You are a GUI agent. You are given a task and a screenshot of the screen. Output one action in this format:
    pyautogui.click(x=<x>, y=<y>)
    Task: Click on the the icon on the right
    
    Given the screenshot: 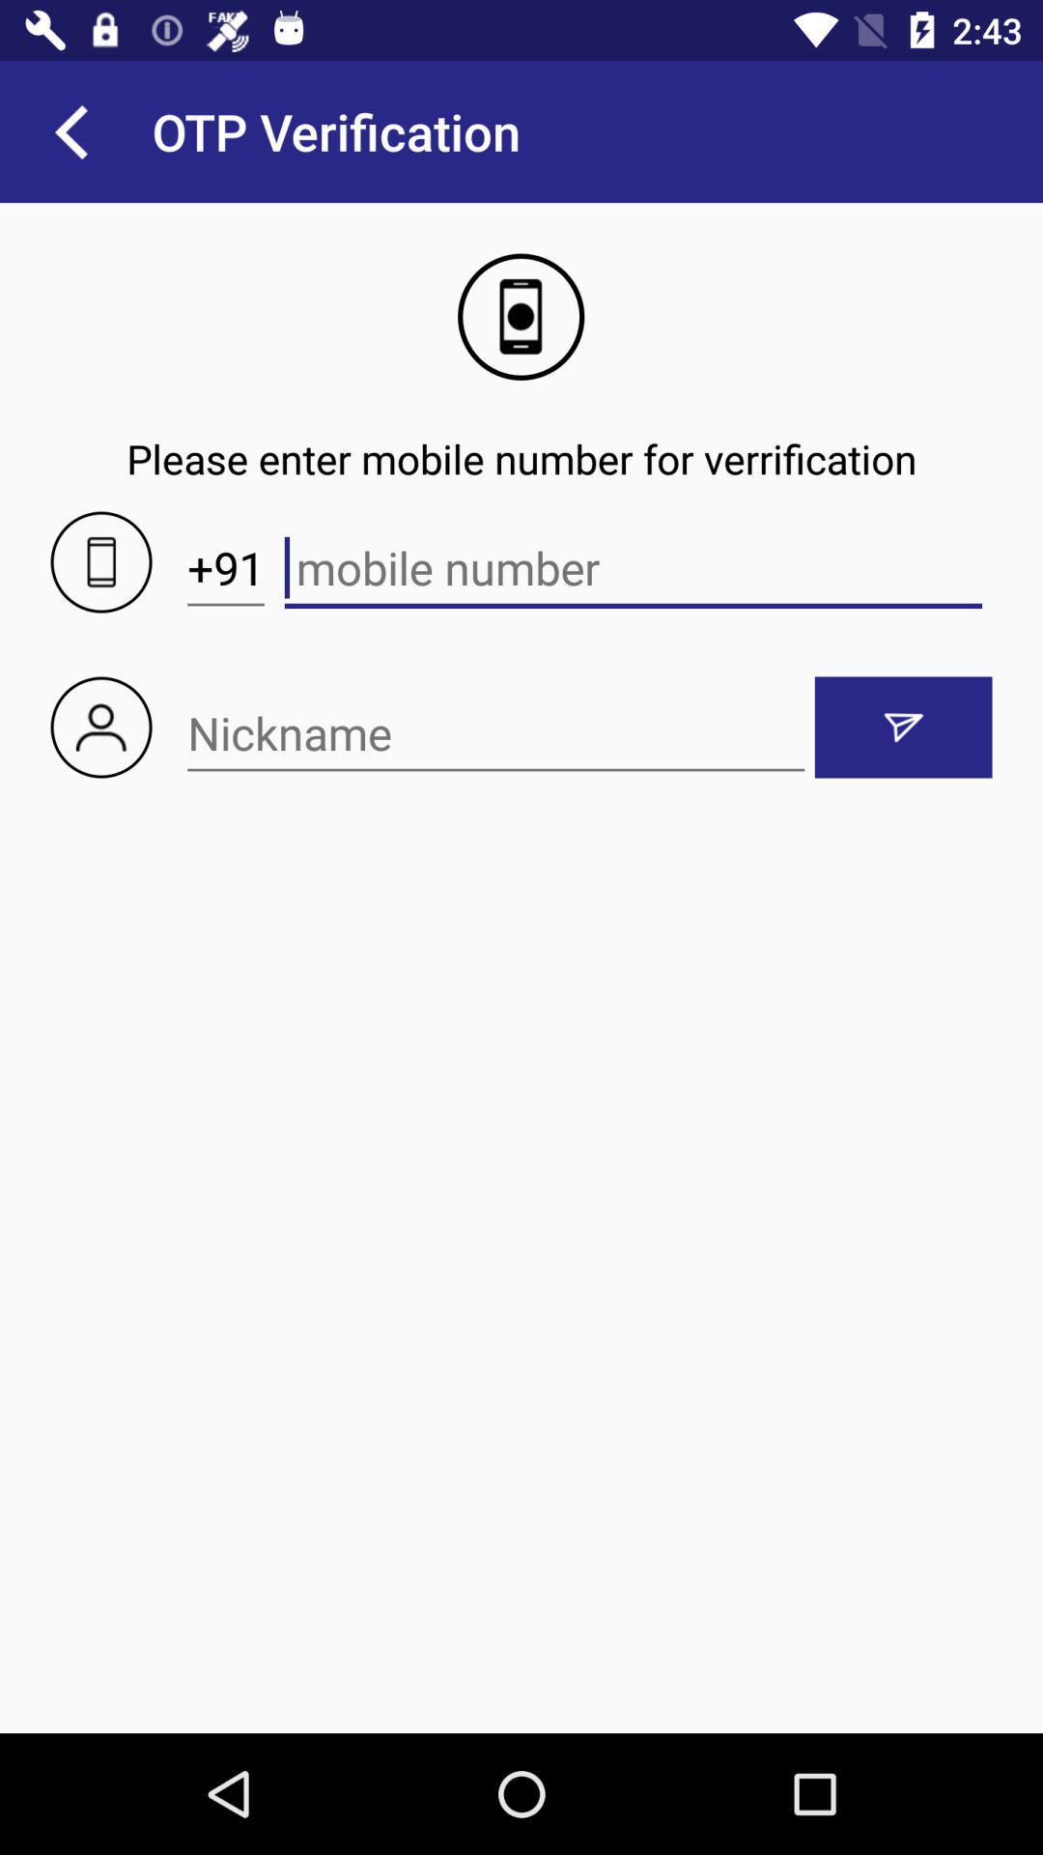 What is the action you would take?
    pyautogui.click(x=903, y=727)
    